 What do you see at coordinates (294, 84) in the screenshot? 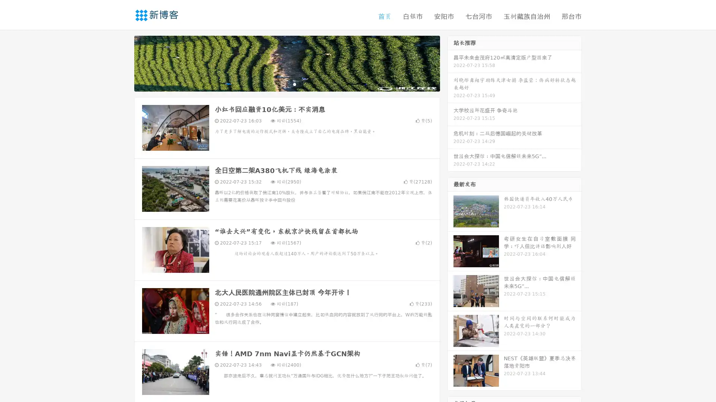
I see `Go to slide 3` at bounding box center [294, 84].